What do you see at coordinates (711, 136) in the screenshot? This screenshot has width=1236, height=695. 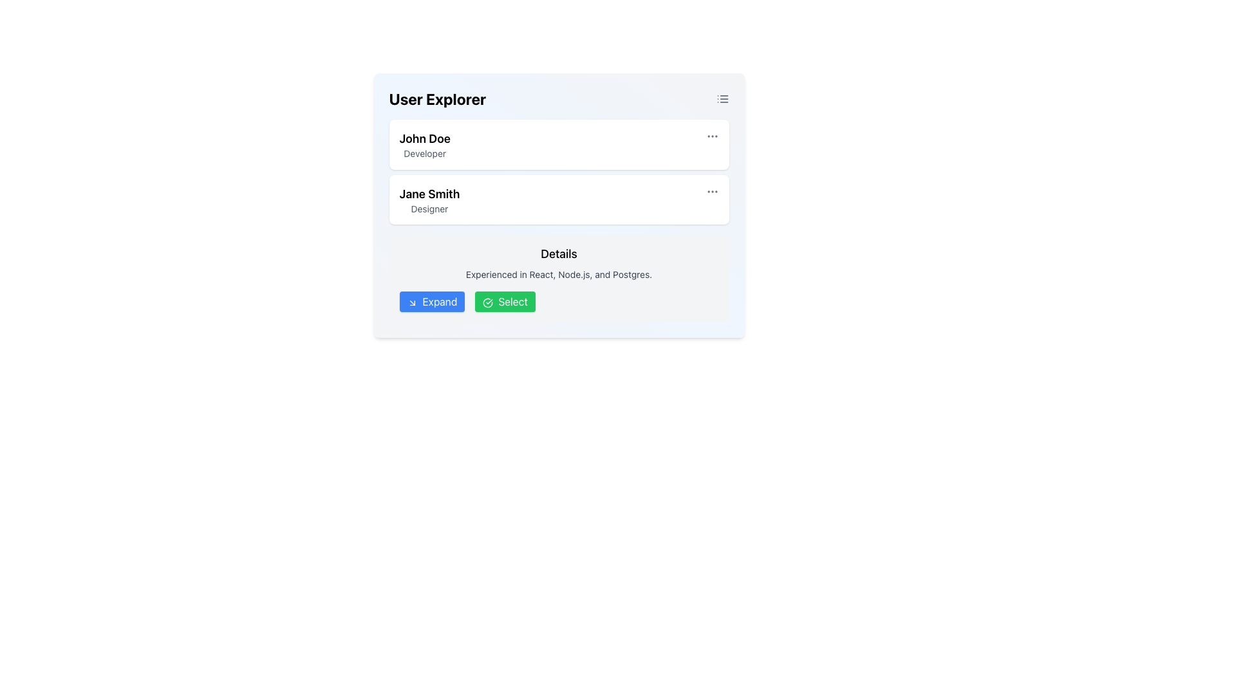 I see `the button represented by three horizontally aligned gray dots located at the top-right corner of the card for 'John Doe - Developer'` at bounding box center [711, 136].